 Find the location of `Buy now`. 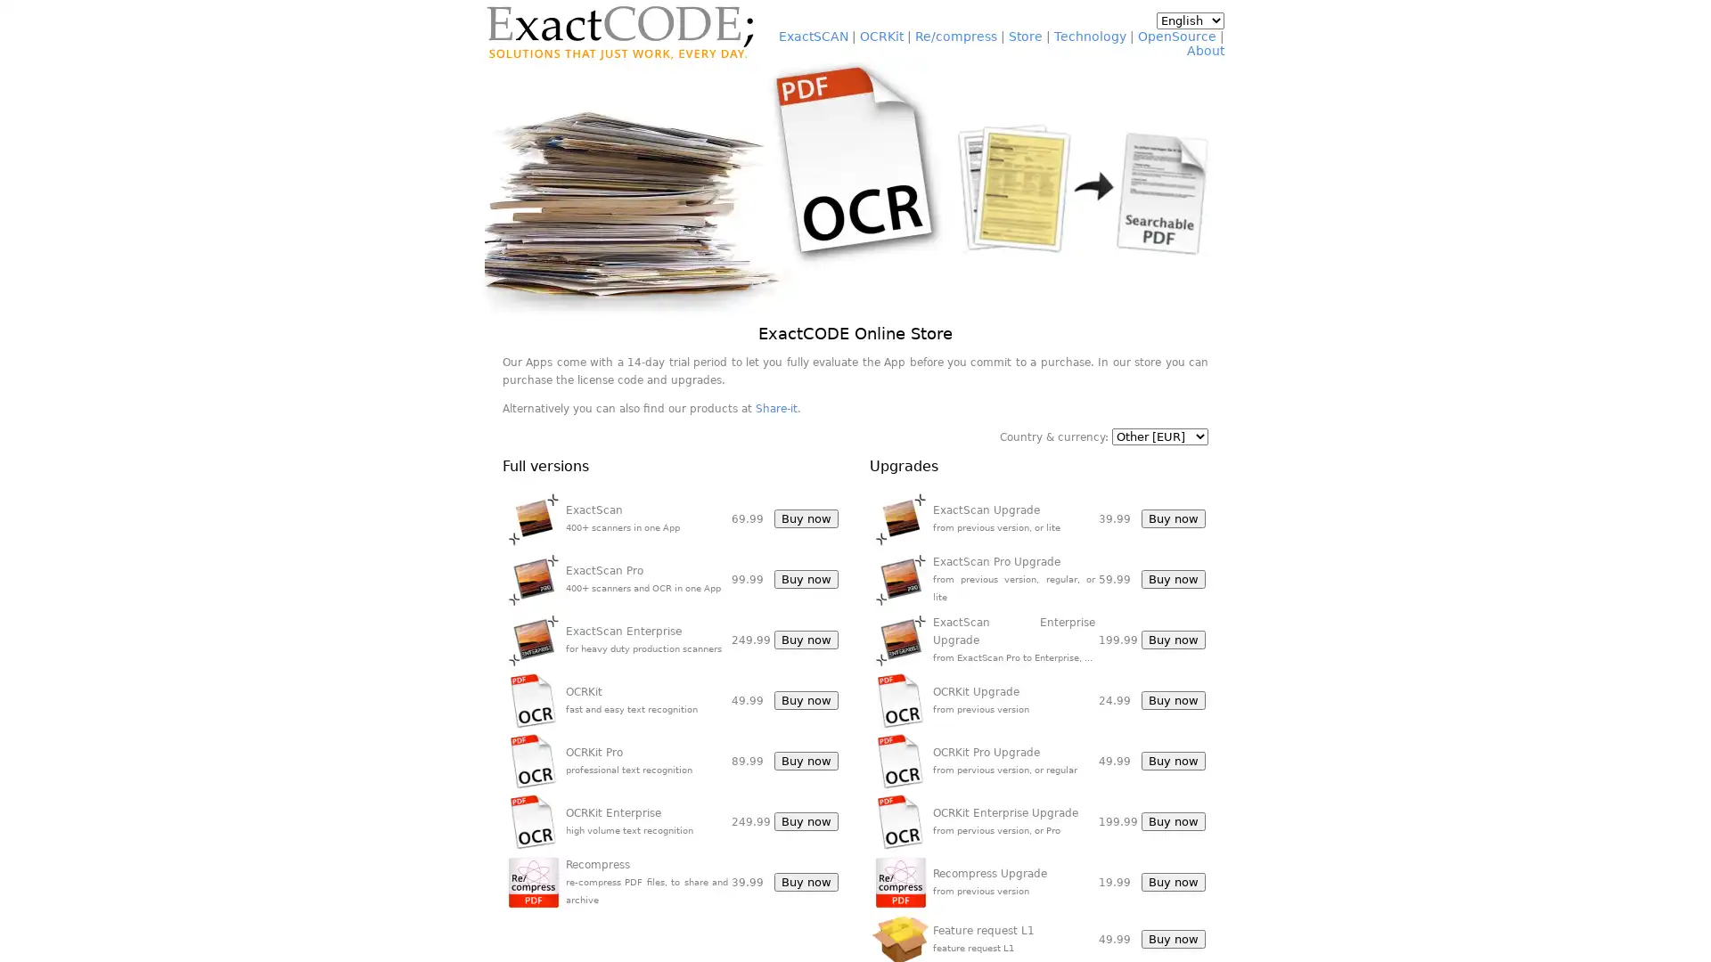

Buy now is located at coordinates (1172, 882).